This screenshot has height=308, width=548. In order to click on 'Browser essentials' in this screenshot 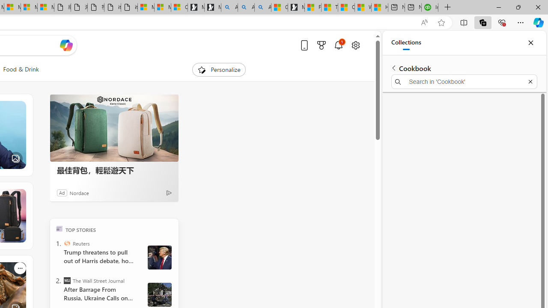, I will do `click(501, 22)`.